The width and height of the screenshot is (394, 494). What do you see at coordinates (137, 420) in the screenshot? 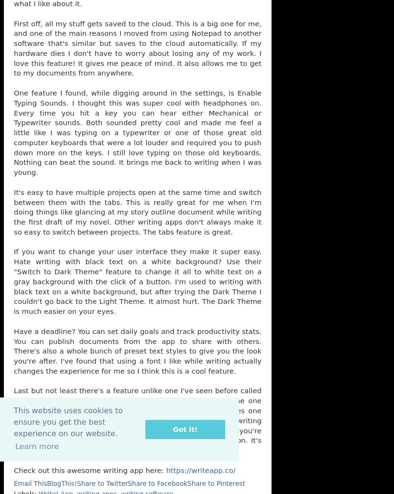
I see `'Last but not least there's a feature unlike one I've seen before called focus mode. This fades out all the paragraphs except for the one you're working on. Don't knock it until you've tried it. It goes one step further in helping you have a distraction-free writing environment. It almost guides your eyes to the paragraph you're writing and makes the rest of the UI fade out of your attention. It's pretty cool.'` at bounding box center [137, 420].